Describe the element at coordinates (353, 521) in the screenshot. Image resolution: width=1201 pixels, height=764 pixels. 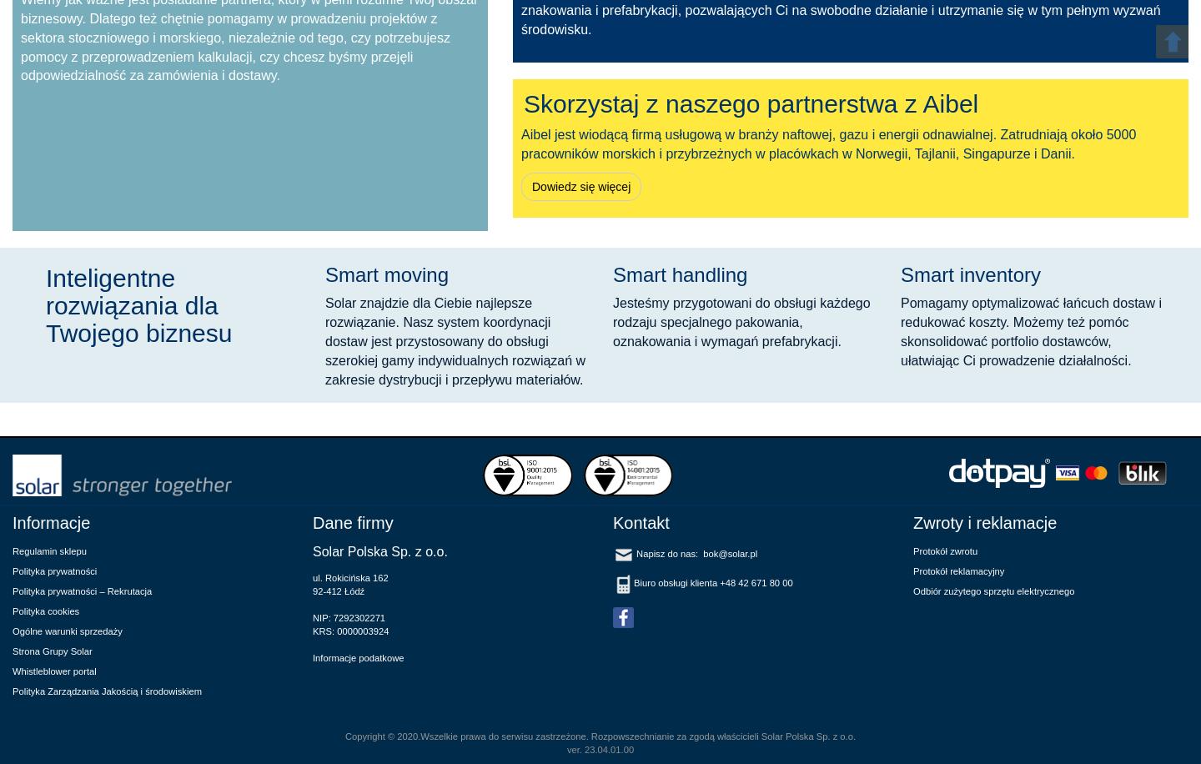
I see `'Dane firmy'` at that location.